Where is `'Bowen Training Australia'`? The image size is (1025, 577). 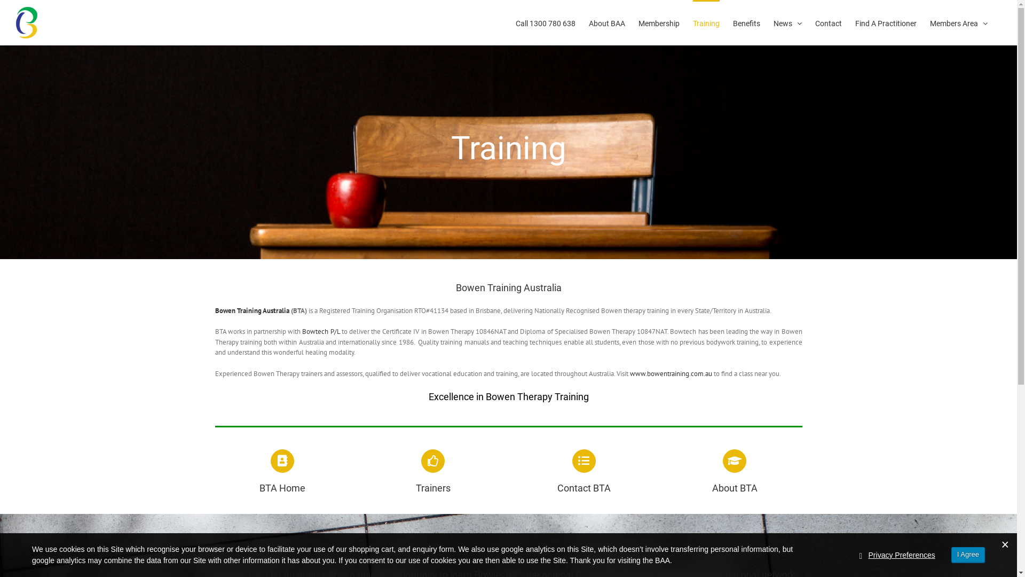
'Bowen Training Australia' is located at coordinates (251, 310).